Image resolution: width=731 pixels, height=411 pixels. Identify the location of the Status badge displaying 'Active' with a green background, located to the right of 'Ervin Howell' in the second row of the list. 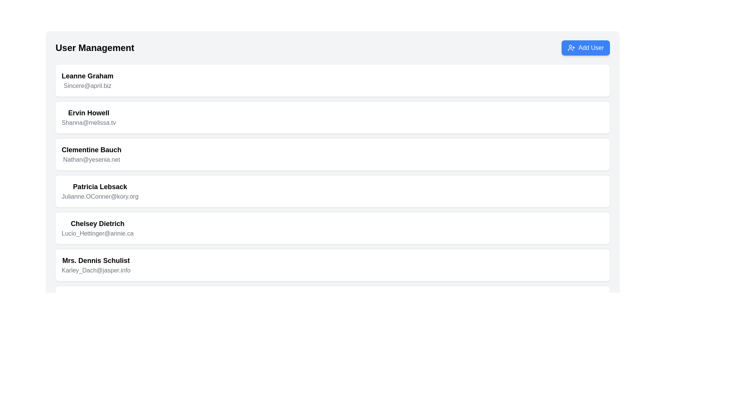
(592, 117).